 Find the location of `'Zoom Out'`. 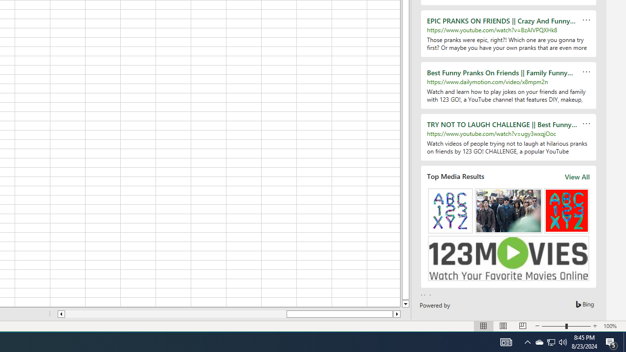

'Zoom Out' is located at coordinates (554, 326).